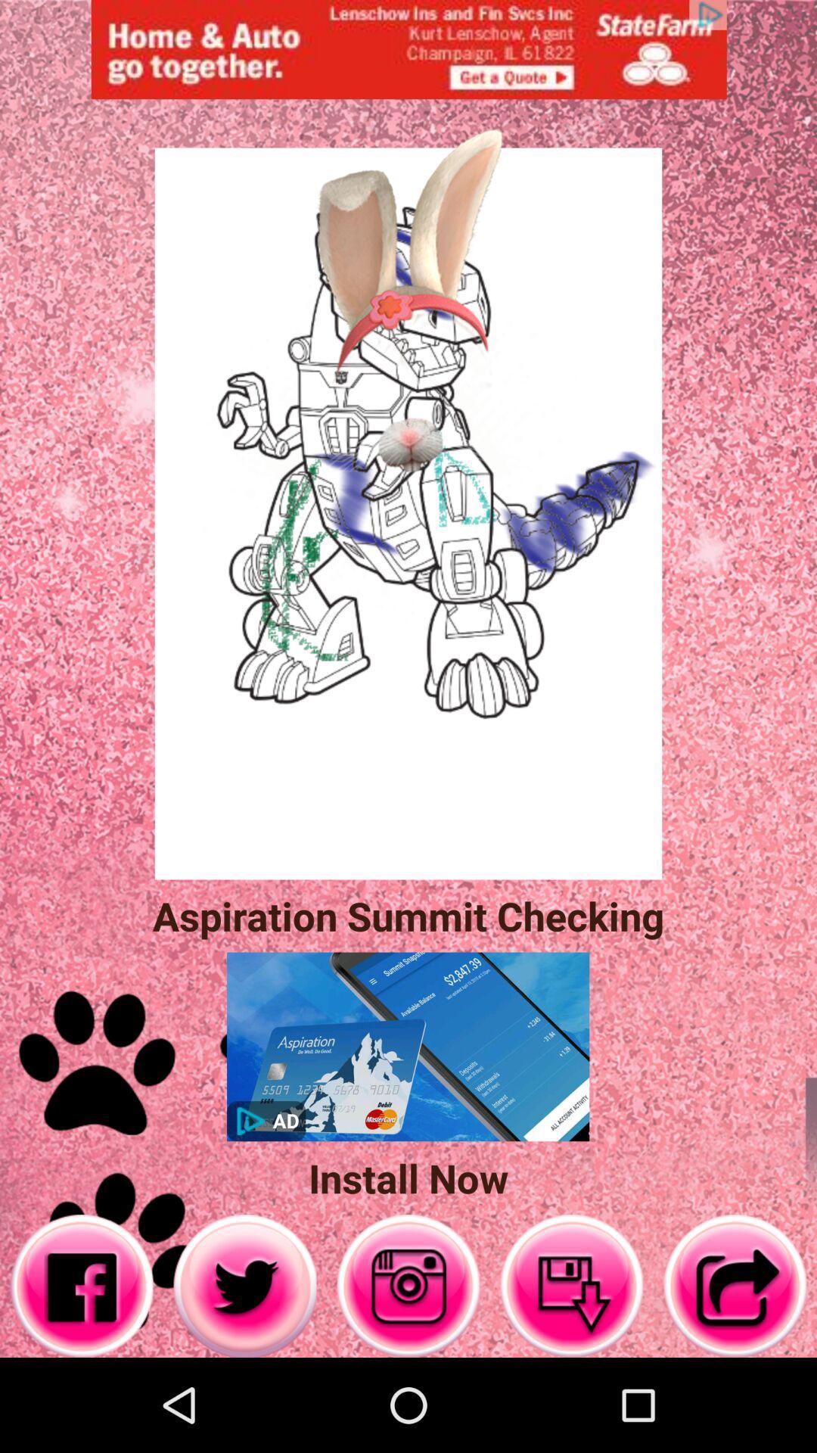  What do you see at coordinates (408, 1285) in the screenshot?
I see `on the music` at bounding box center [408, 1285].